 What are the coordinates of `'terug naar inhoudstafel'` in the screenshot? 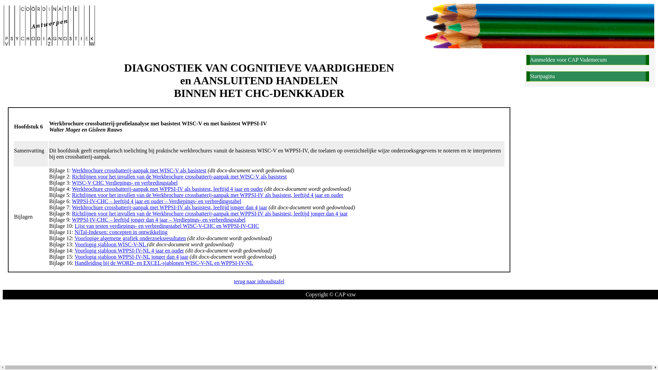 It's located at (233, 281).